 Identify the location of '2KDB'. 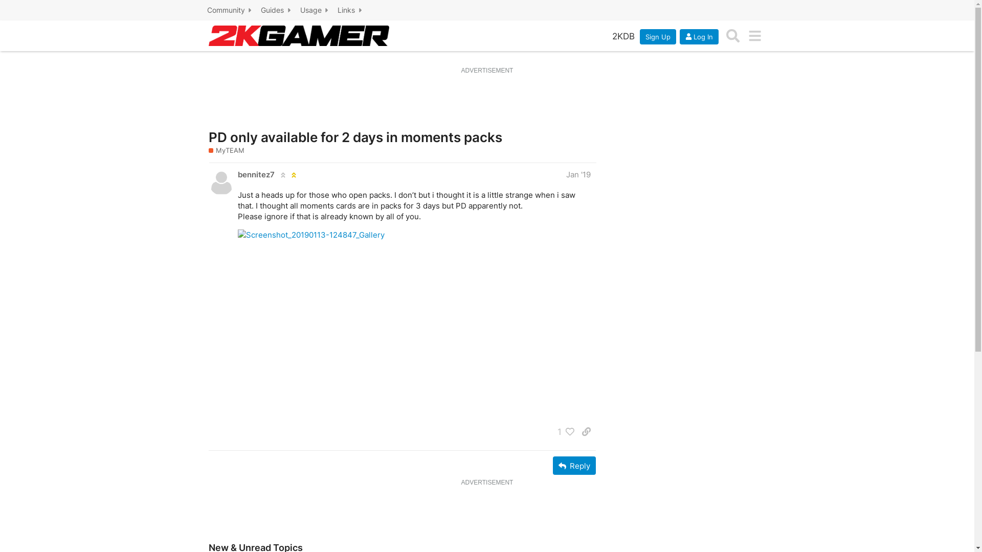
(607, 35).